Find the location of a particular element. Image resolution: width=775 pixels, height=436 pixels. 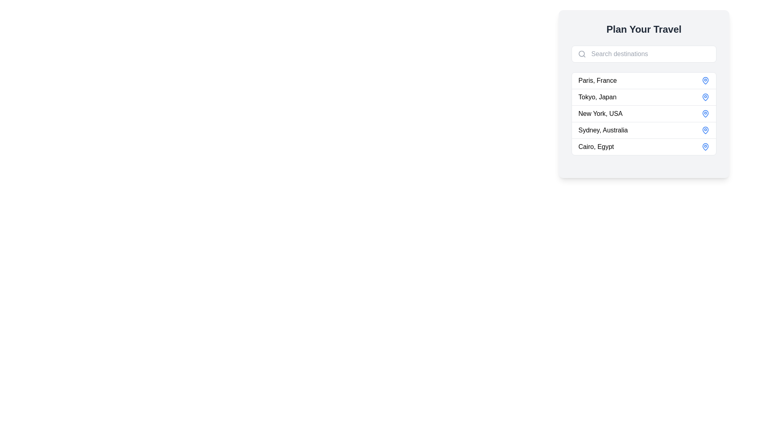

the second item is located at coordinates (643, 93).